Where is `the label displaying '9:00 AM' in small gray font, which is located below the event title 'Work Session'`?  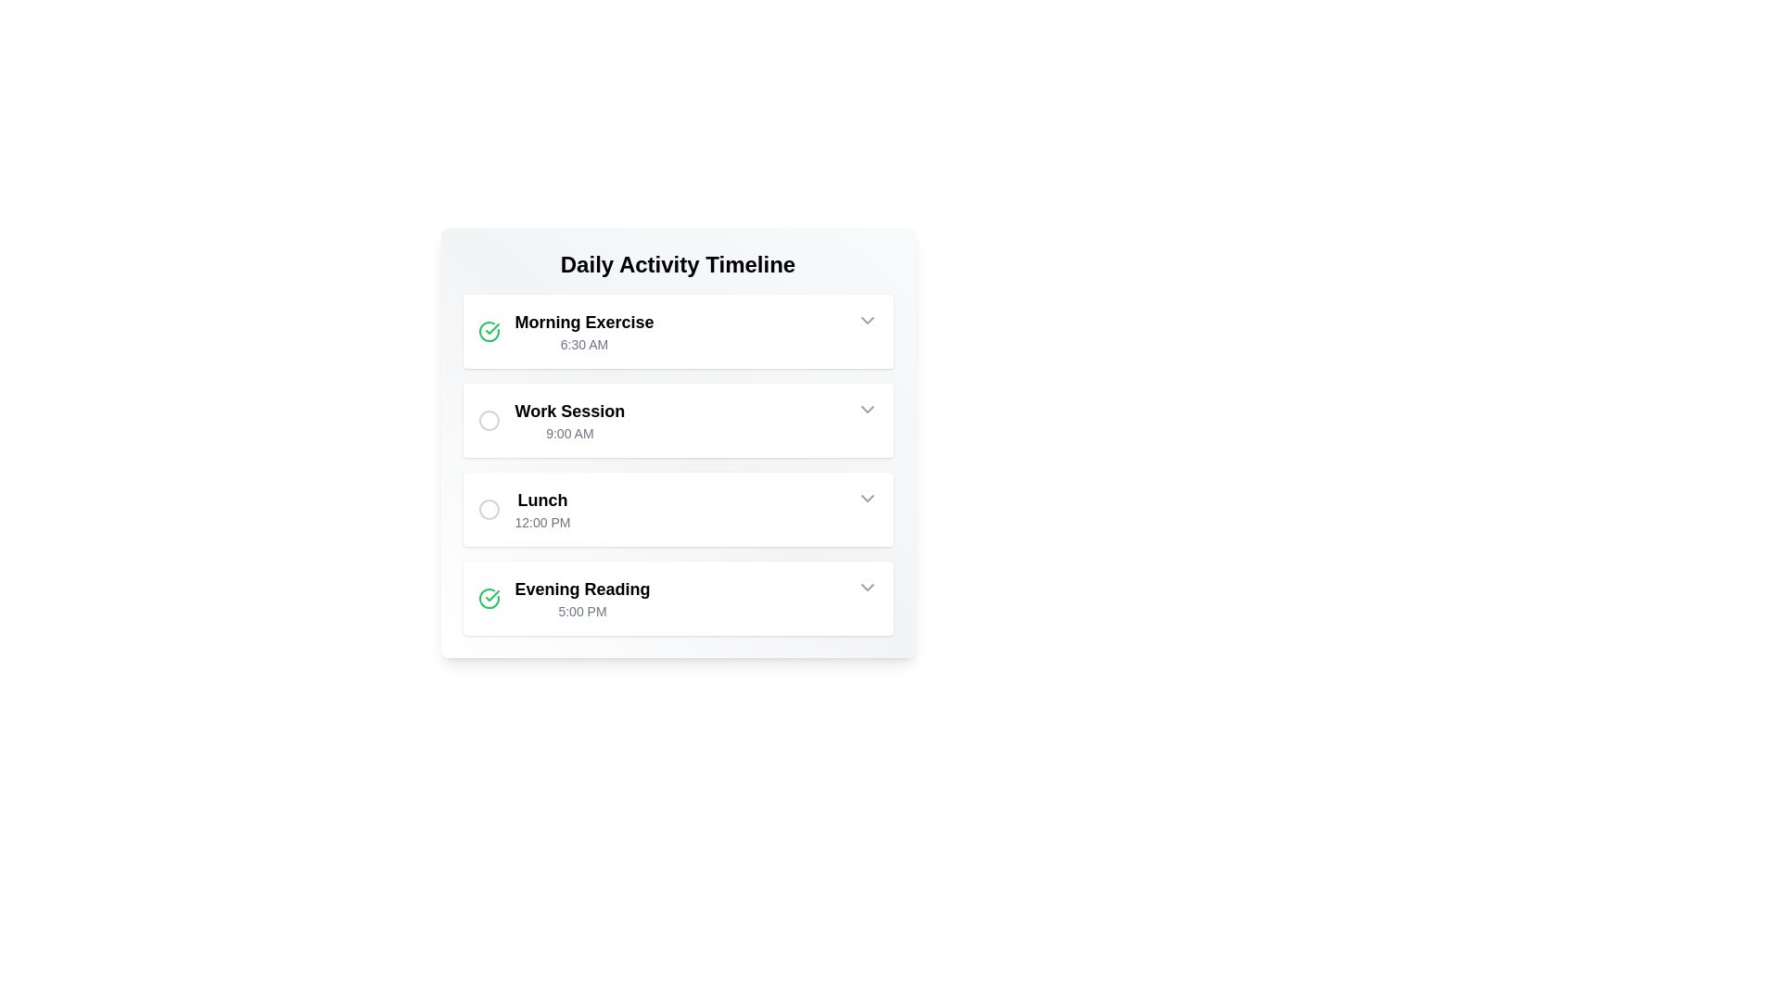 the label displaying '9:00 AM' in small gray font, which is located below the event title 'Work Session' is located at coordinates (568, 433).